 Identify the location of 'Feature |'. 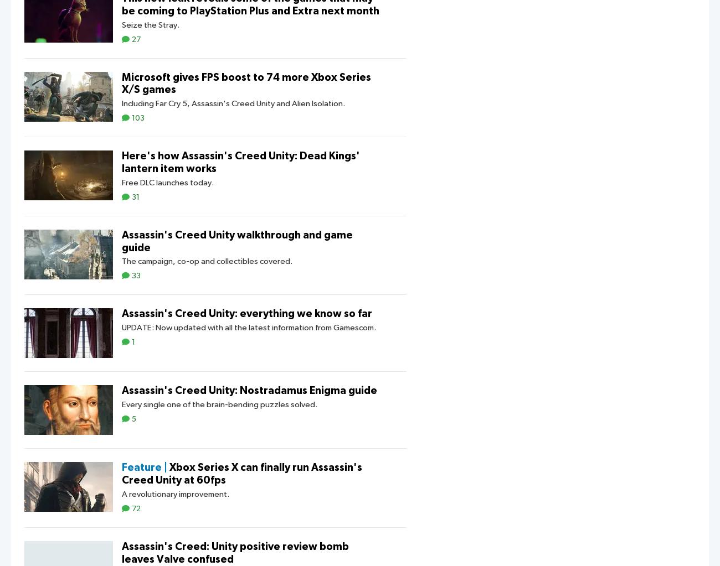
(144, 467).